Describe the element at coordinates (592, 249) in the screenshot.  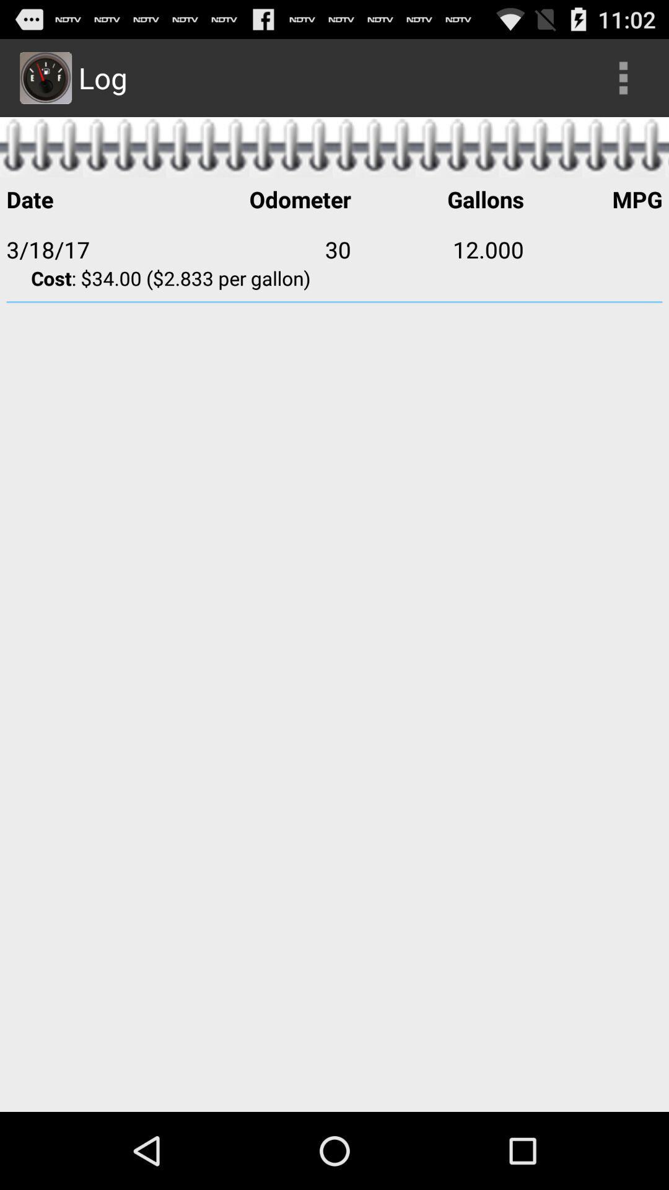
I see `the app to the right of 12.000` at that location.